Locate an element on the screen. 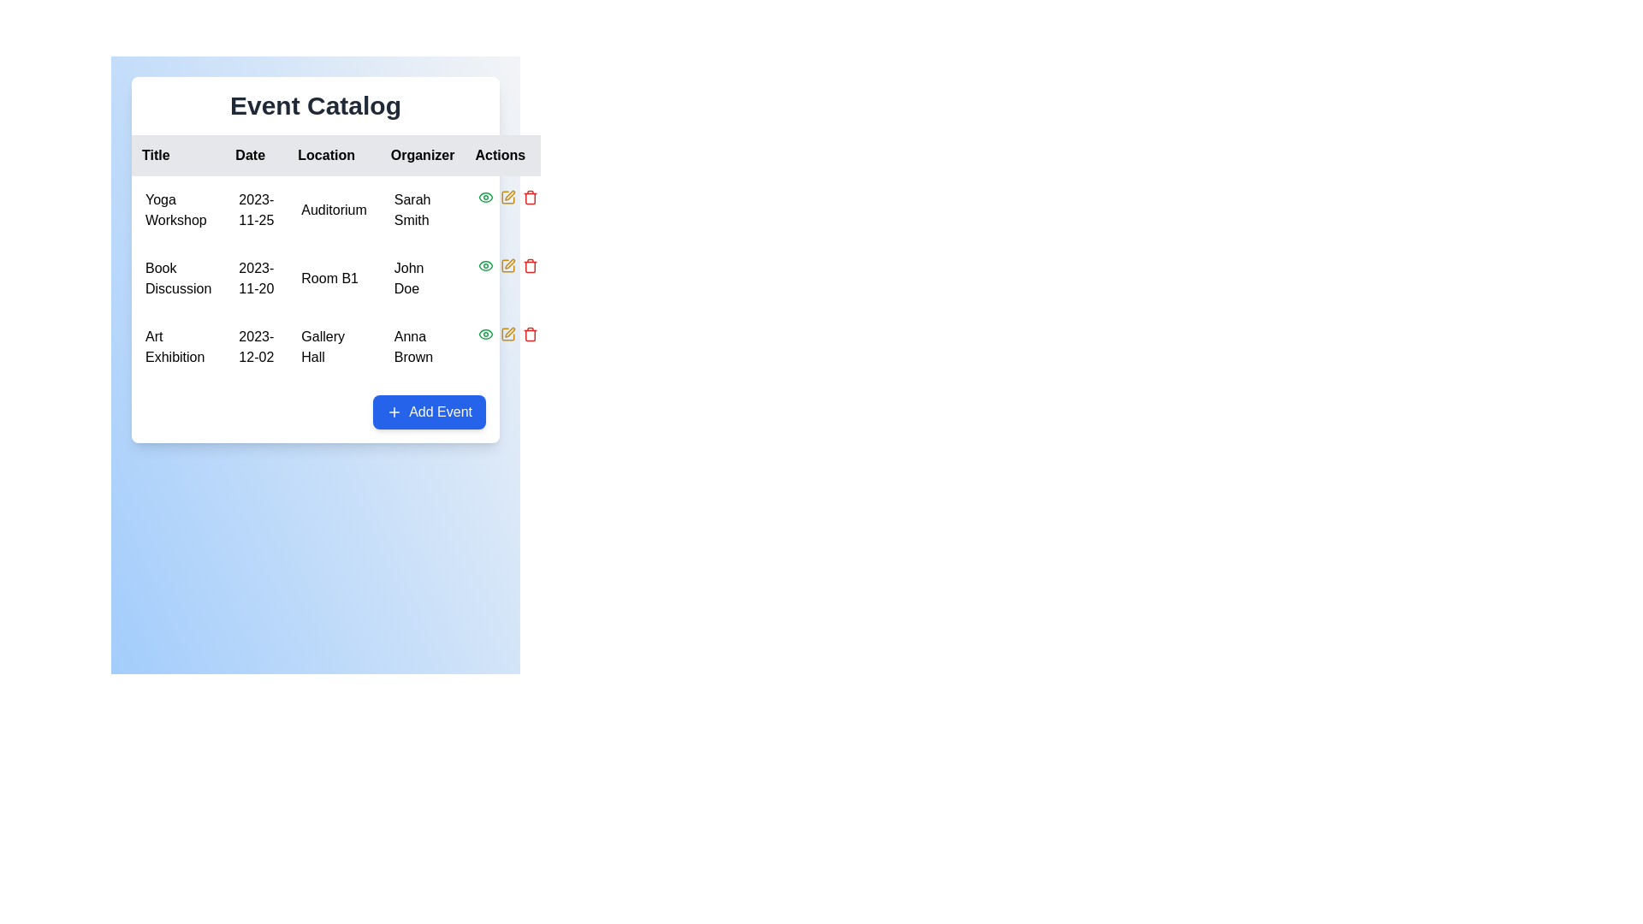  the text element displaying 'Sarah Smith' located in the 'Organizer' column of the event catalog table, specifically in the row for 'Yoga Workshop' is located at coordinates (423, 210).